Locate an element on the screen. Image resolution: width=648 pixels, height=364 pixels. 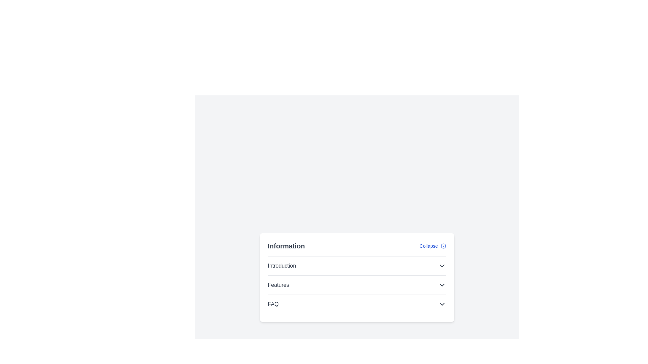
the chevron SVG icon located at the rightmost end of the 'Features' row is located at coordinates (442, 285).